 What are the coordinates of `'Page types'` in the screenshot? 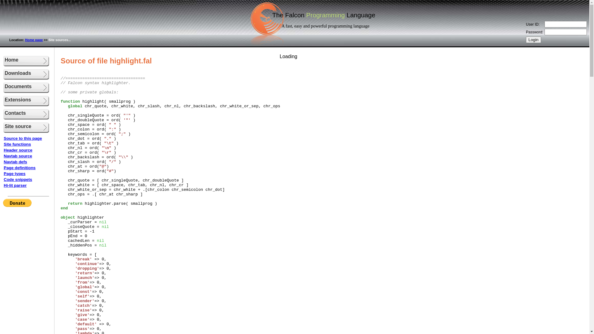 It's located at (15, 173).